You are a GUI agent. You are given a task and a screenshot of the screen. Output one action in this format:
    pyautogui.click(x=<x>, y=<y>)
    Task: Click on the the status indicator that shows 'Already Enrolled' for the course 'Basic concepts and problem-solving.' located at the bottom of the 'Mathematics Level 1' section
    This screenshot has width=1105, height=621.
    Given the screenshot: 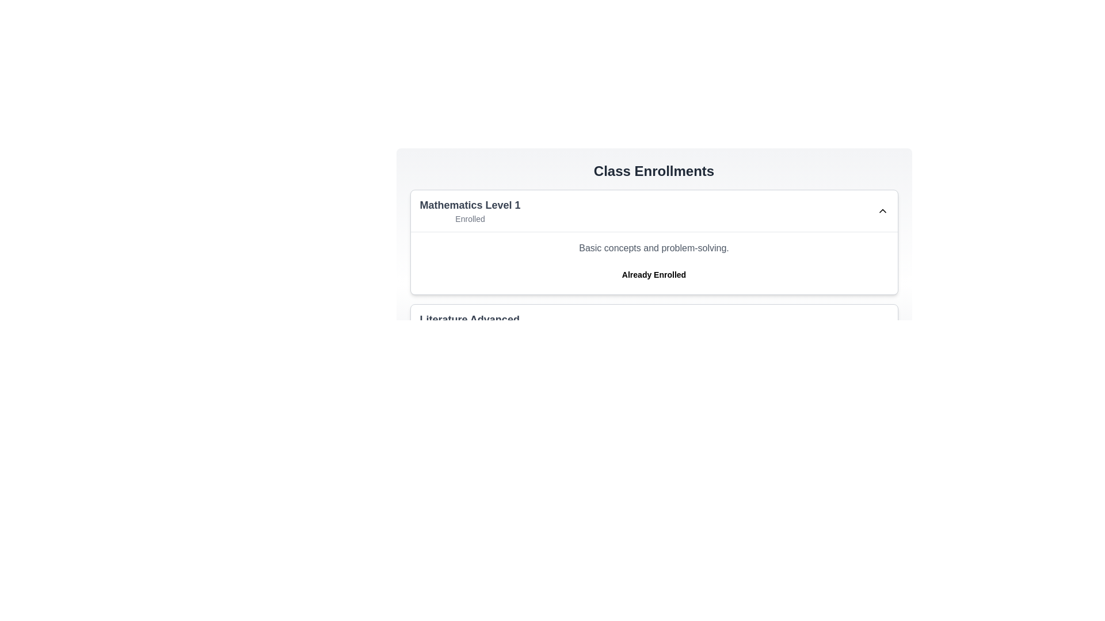 What is the action you would take?
    pyautogui.click(x=654, y=263)
    